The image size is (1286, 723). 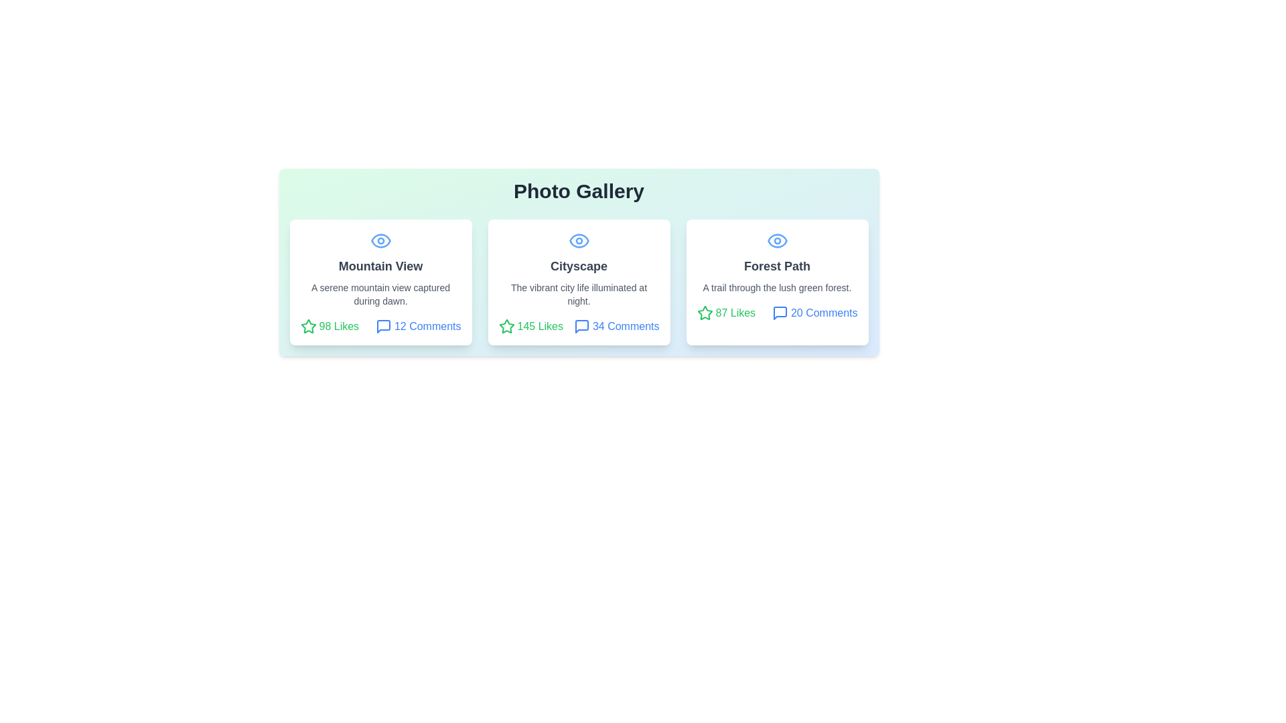 I want to click on the likes count of the photo card titled Cityscape, so click(x=530, y=327).